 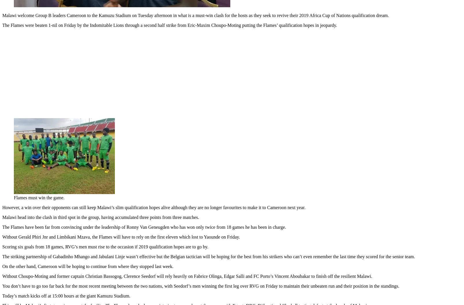 What do you see at coordinates (2, 216) in the screenshot?
I see `'Malawi head into the clash in third spot in the group, having accumulated three points from three matches.'` at bounding box center [2, 216].